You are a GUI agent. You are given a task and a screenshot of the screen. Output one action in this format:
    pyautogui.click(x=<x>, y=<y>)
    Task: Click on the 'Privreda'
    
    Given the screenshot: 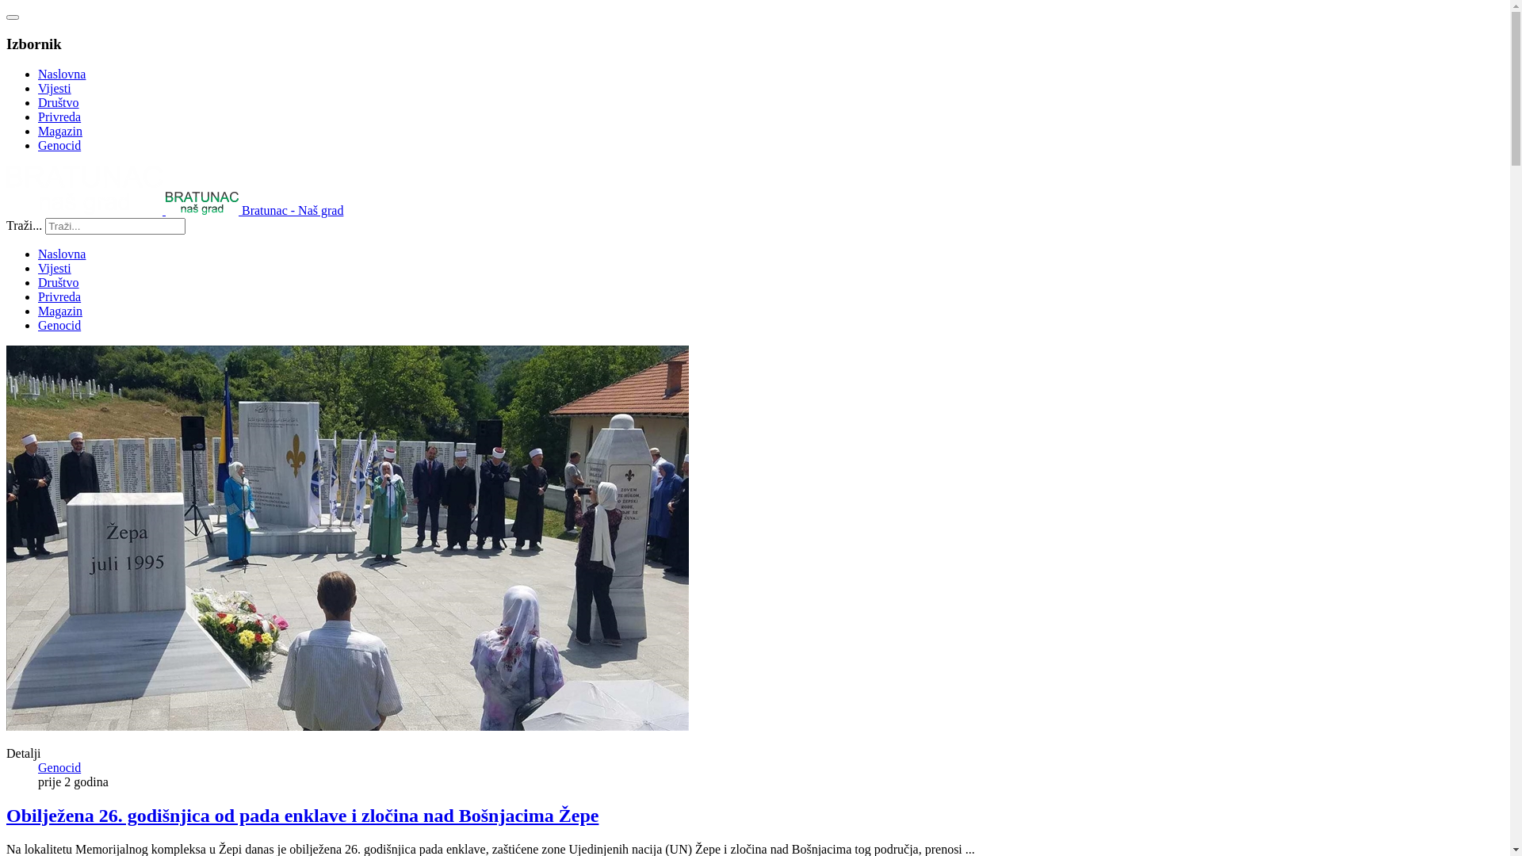 What is the action you would take?
    pyautogui.click(x=59, y=116)
    